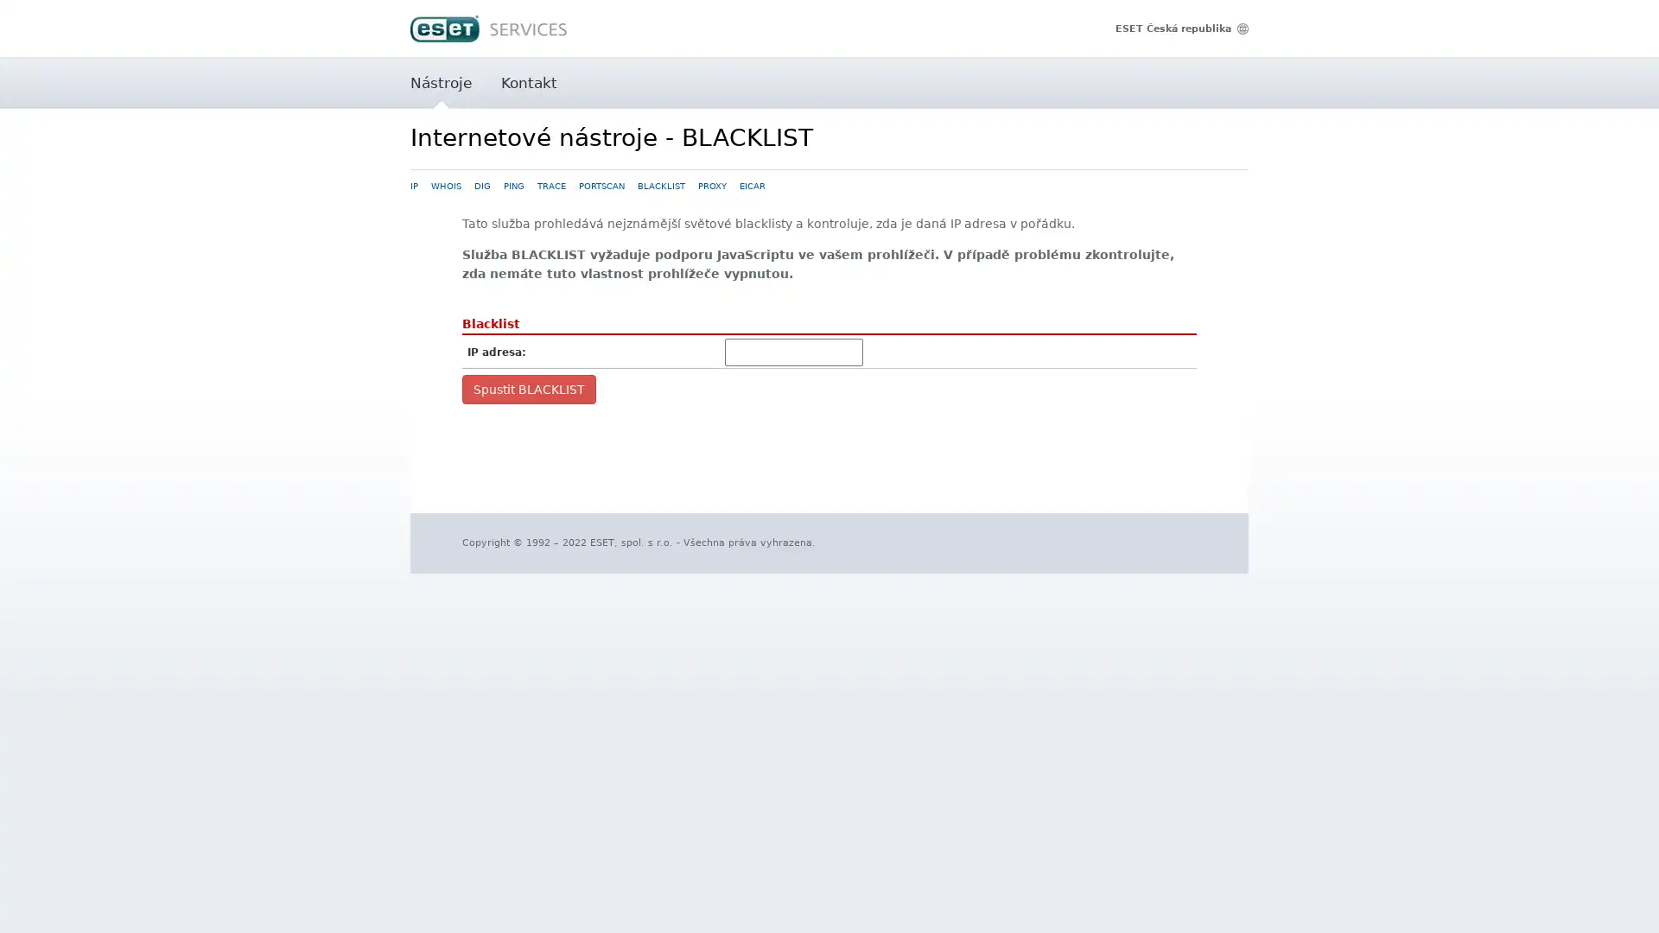 The height and width of the screenshot is (933, 1659). What do you see at coordinates (528, 390) in the screenshot?
I see `Spustit BLACKLIST` at bounding box center [528, 390].